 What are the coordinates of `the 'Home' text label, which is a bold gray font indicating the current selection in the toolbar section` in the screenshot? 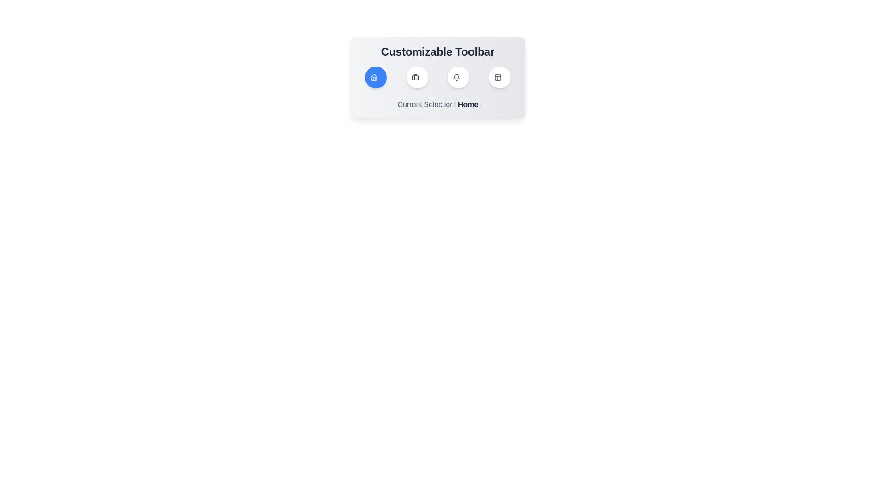 It's located at (468, 104).